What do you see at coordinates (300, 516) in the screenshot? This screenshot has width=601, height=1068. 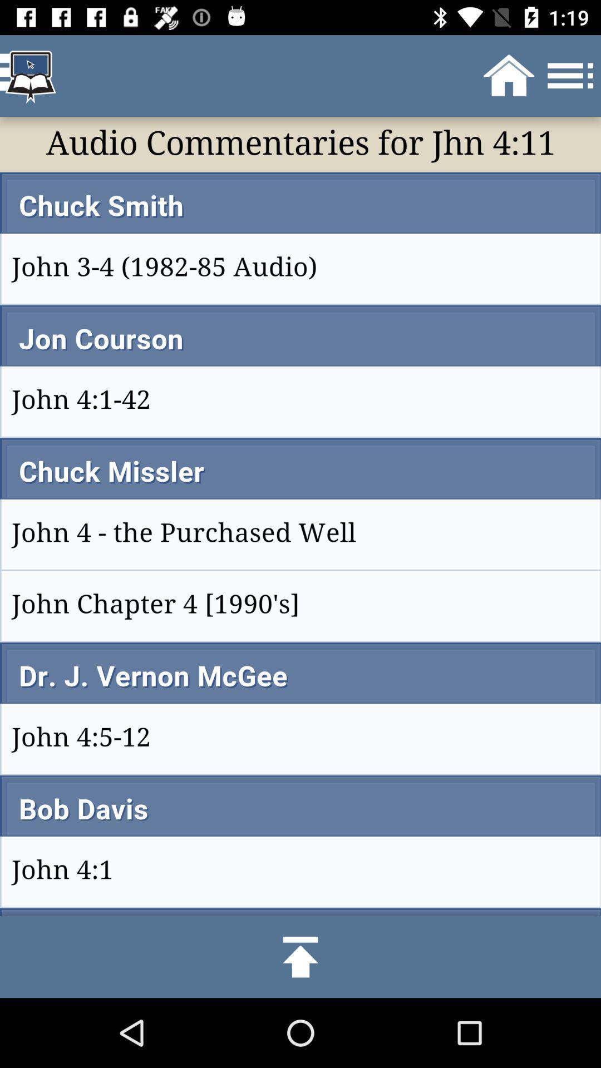 I see `audio commentaries` at bounding box center [300, 516].